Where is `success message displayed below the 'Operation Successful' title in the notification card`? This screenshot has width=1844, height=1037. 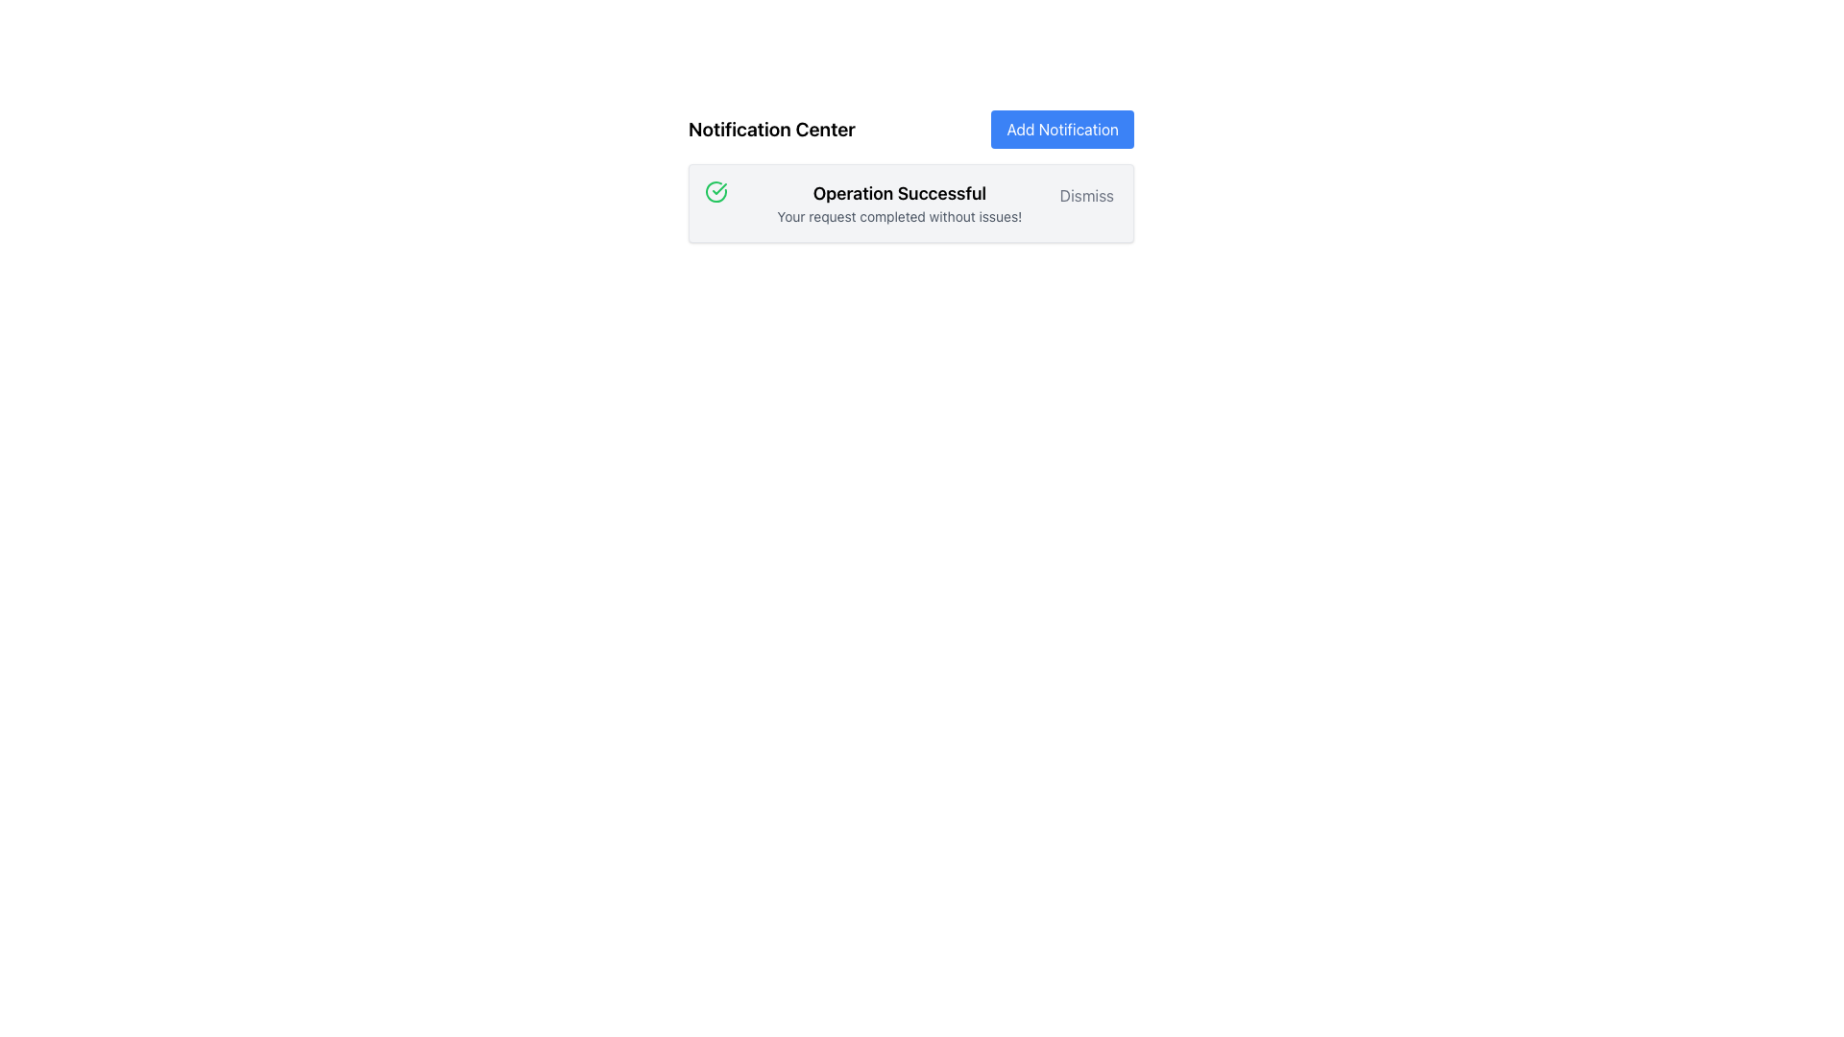
success message displayed below the 'Operation Successful' title in the notification card is located at coordinates (898, 216).